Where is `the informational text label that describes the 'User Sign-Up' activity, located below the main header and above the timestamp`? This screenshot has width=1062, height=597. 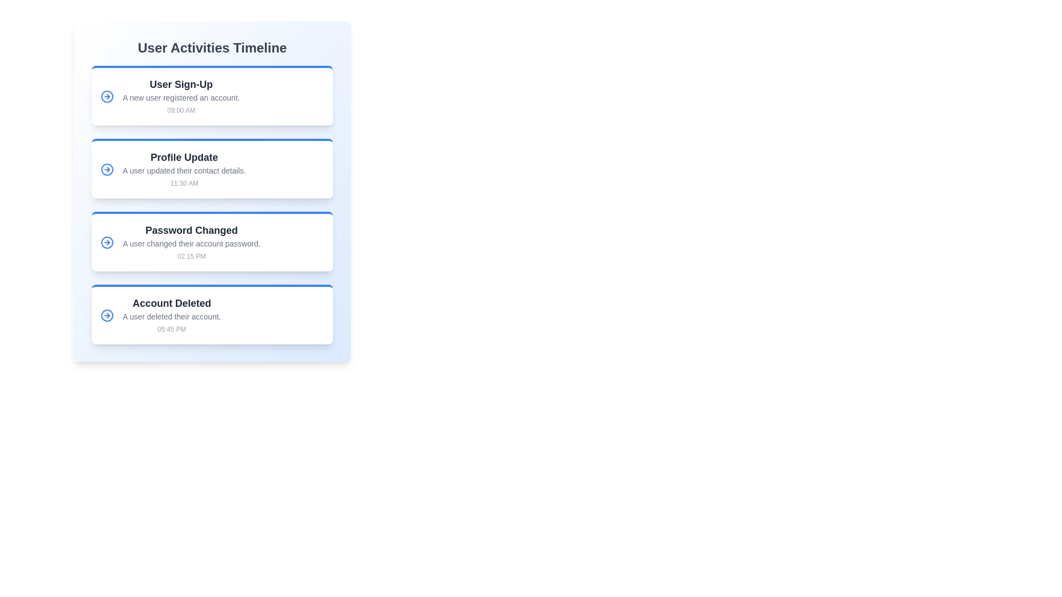
the informational text label that describes the 'User Sign-Up' activity, located below the main header and above the timestamp is located at coordinates (181, 97).